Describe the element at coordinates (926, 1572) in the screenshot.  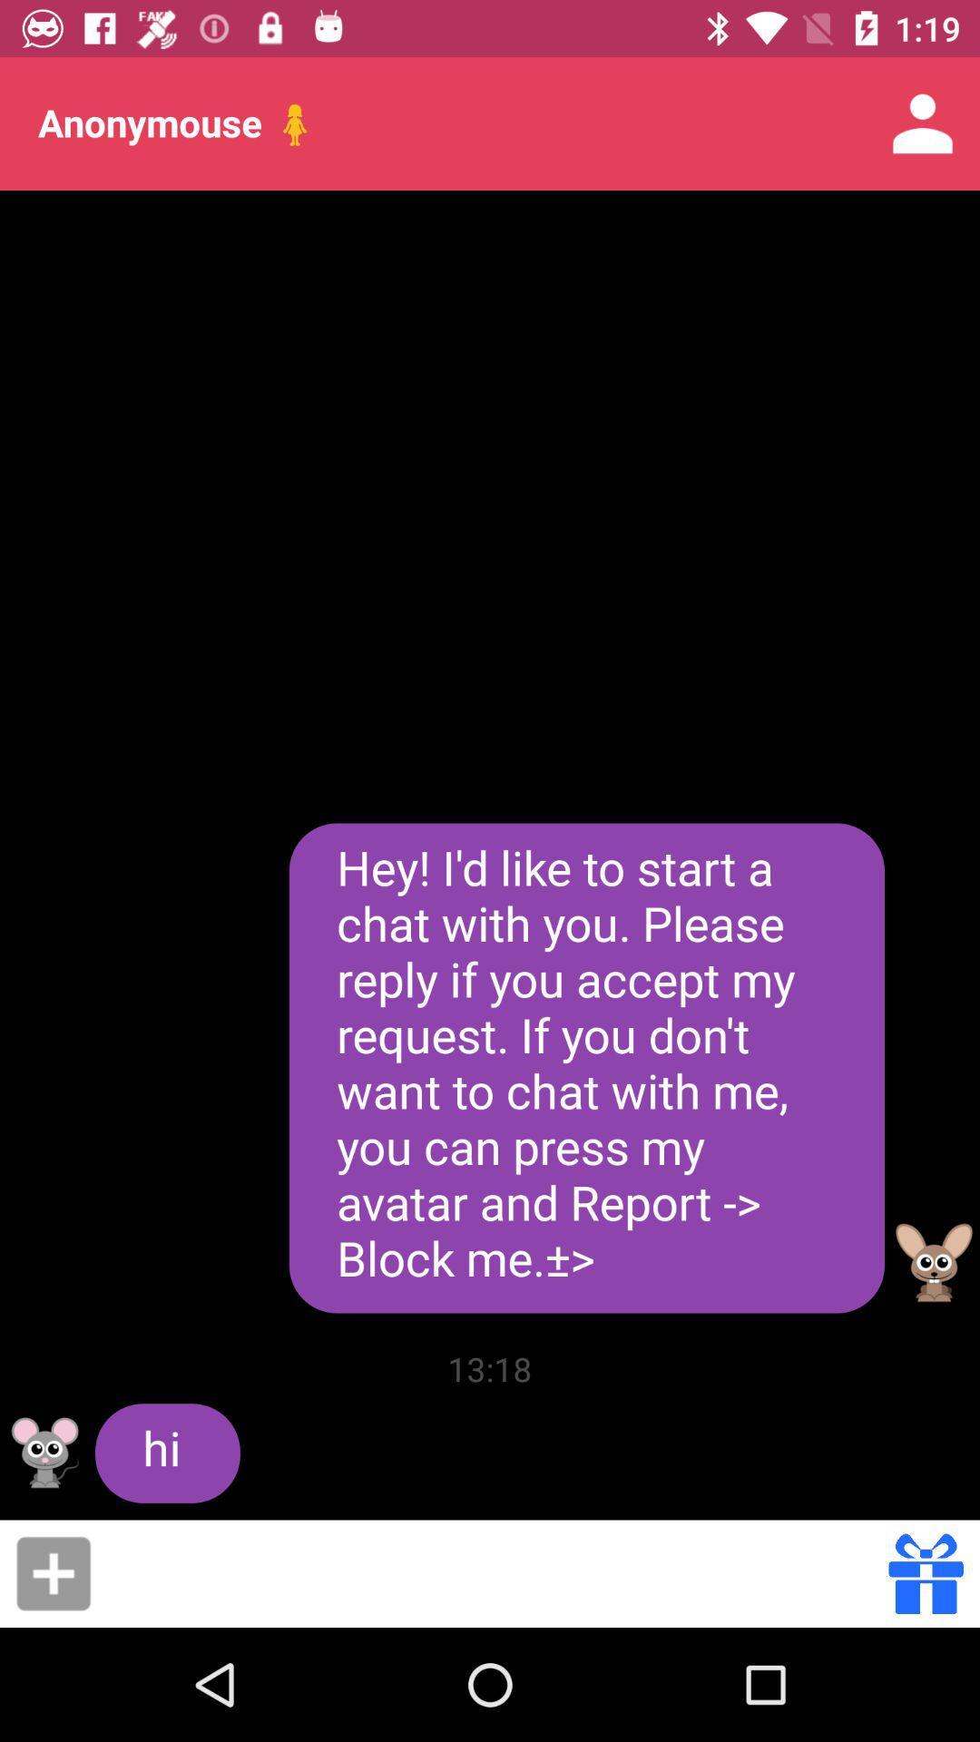
I see `the item below hey i d item` at that location.